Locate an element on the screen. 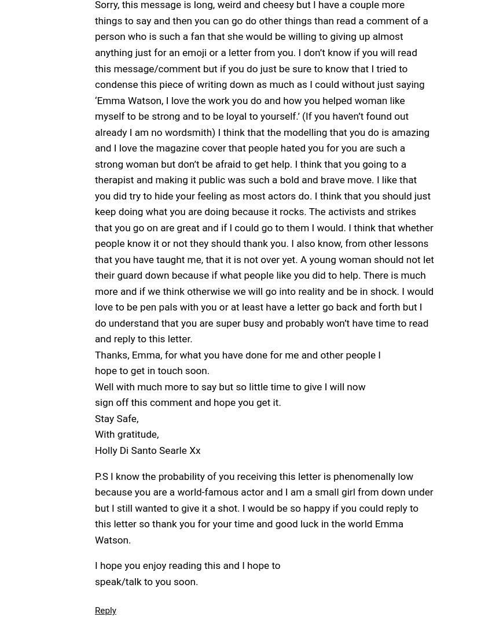 The height and width of the screenshot is (621, 492). 'speak/talk to you soon.' is located at coordinates (94, 581).